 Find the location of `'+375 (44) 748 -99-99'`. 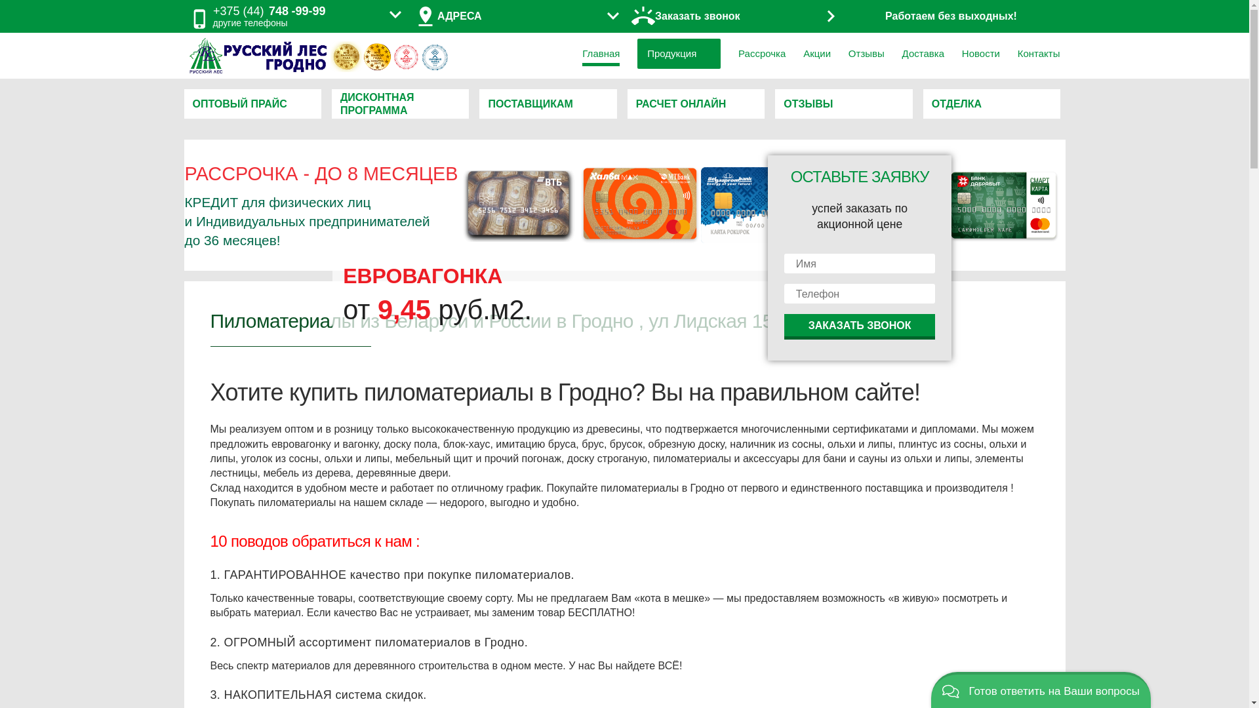

'+375 (44) 748 -99-99' is located at coordinates (269, 11).